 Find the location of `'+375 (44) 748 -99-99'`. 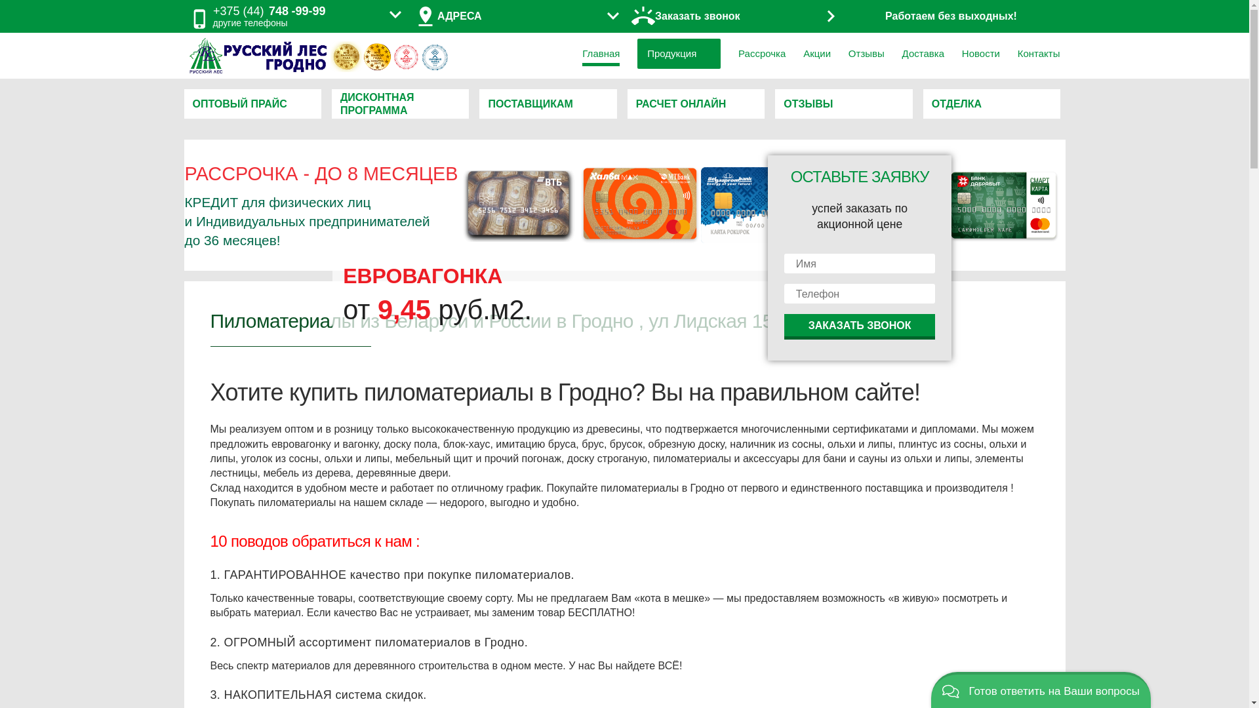

'+375 (44) 748 -99-99' is located at coordinates (269, 11).